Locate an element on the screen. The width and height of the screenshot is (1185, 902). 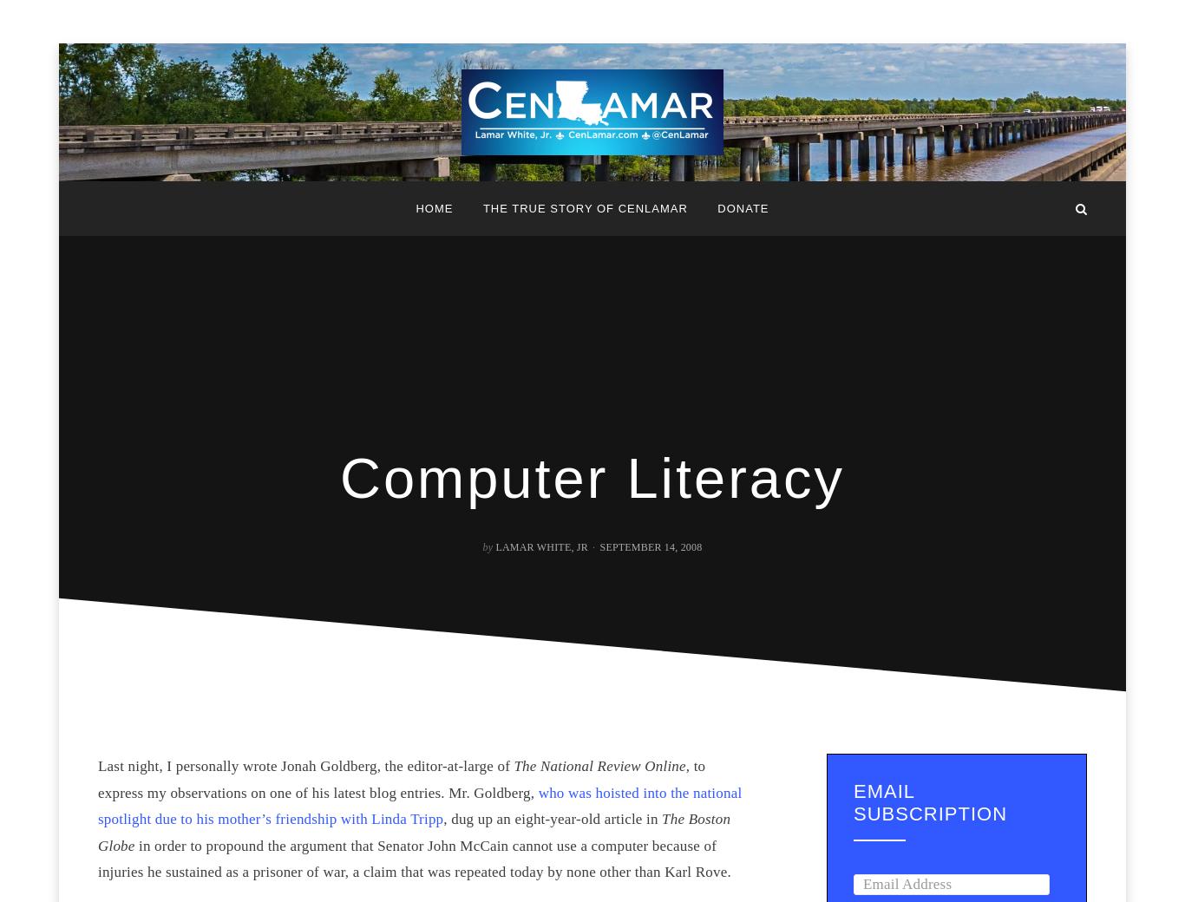
'Home' is located at coordinates (434, 208).